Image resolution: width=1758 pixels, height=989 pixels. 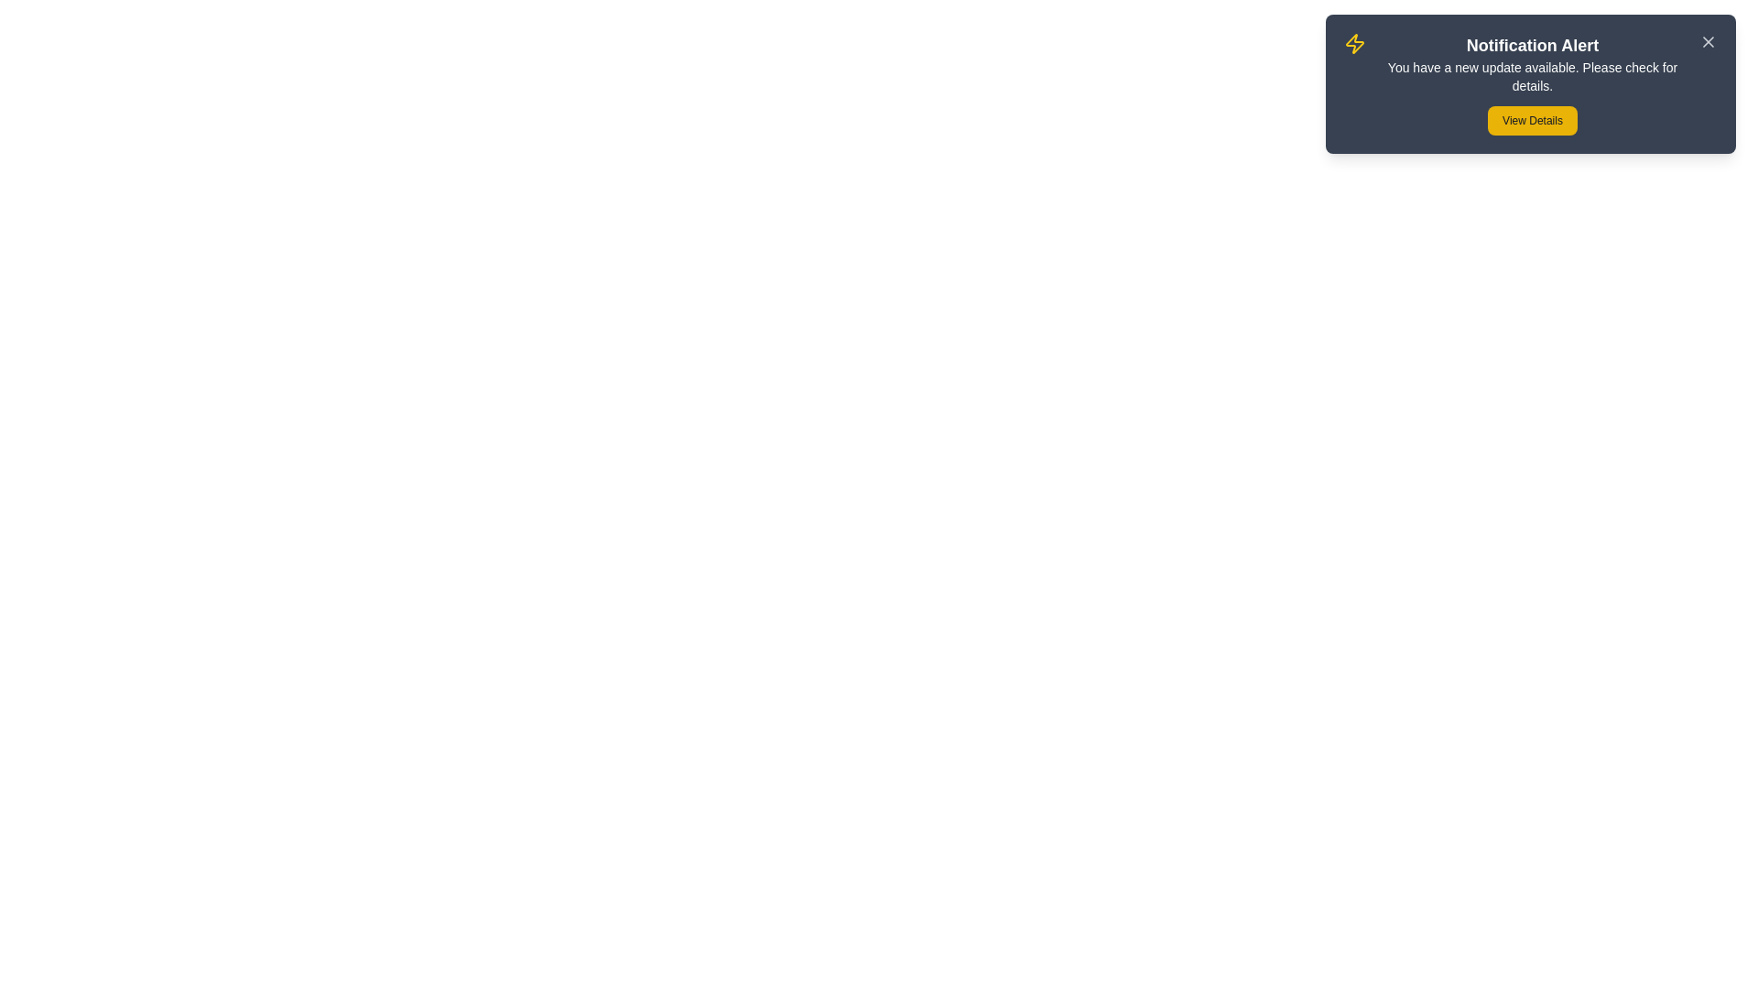 What do you see at coordinates (1533, 120) in the screenshot?
I see `the 'View Details' button to observe its hover effect` at bounding box center [1533, 120].